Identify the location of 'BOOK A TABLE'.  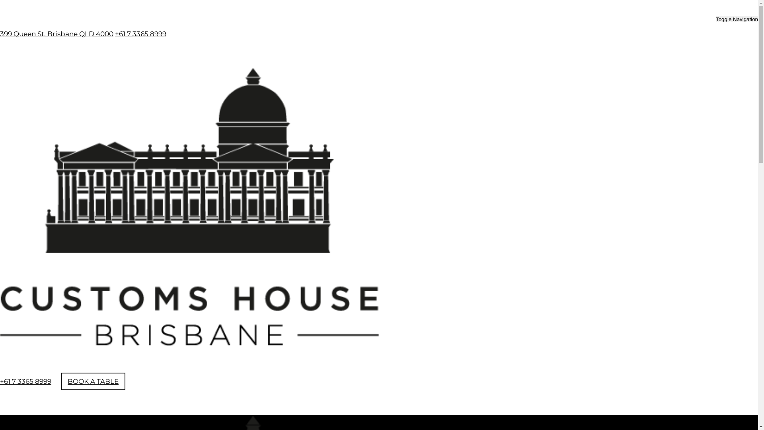
(93, 381).